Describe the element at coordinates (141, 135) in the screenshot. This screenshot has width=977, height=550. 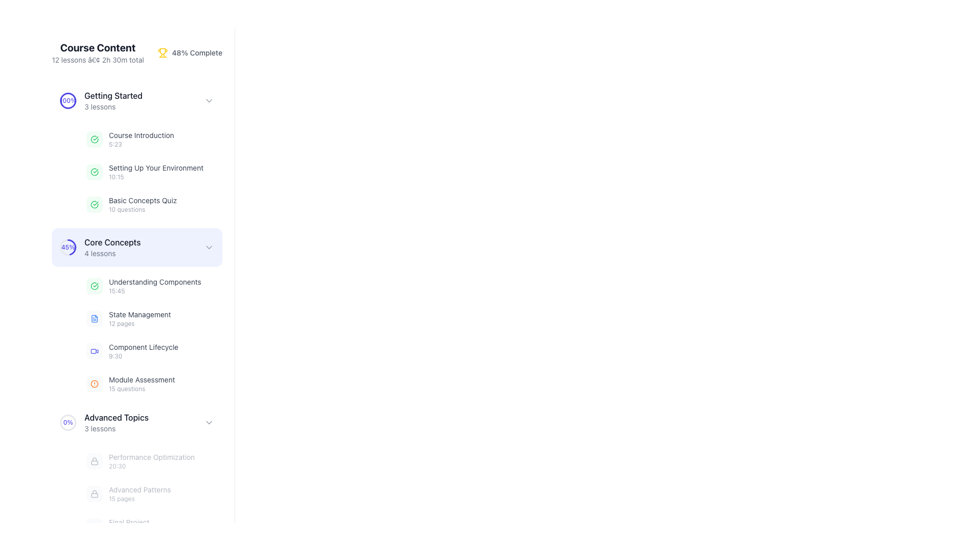
I see `the static text label displaying the title of the lesson in the 'Getting Started' section, located above the time indicator '5:23' and next to the completion checkmark icon` at that location.